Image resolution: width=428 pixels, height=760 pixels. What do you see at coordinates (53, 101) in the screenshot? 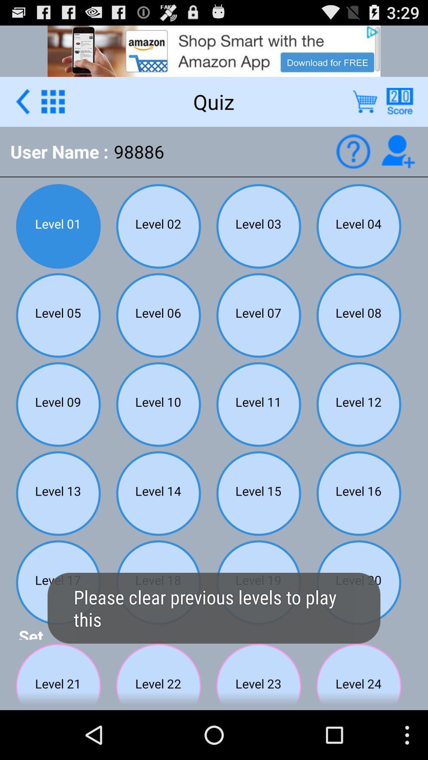
I see `main botten` at bounding box center [53, 101].